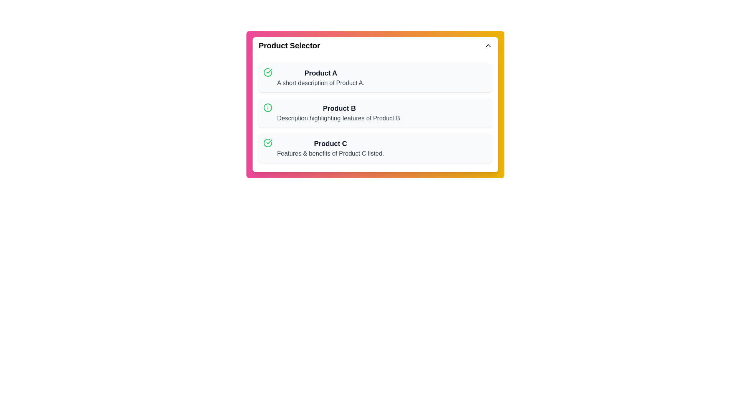 Image resolution: width=737 pixels, height=414 pixels. Describe the element at coordinates (375, 46) in the screenshot. I see `main button labeled 'Product Selector' to toggle the visibility of the product list` at that location.